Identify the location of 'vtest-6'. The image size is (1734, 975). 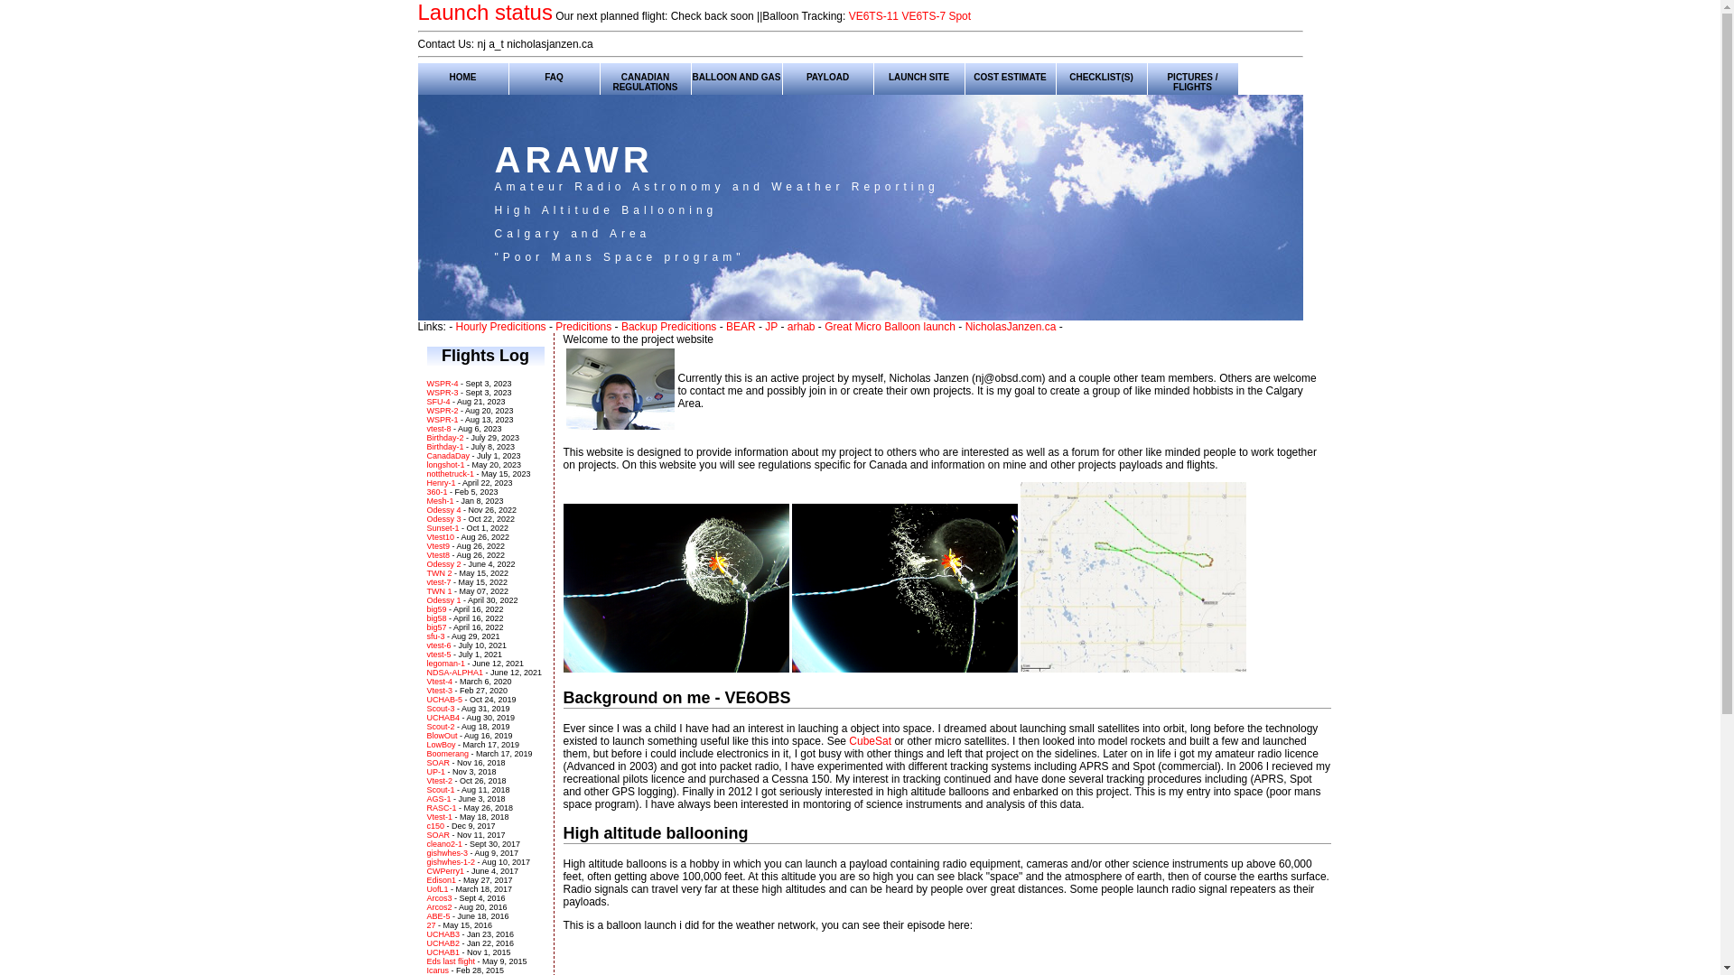
(424, 644).